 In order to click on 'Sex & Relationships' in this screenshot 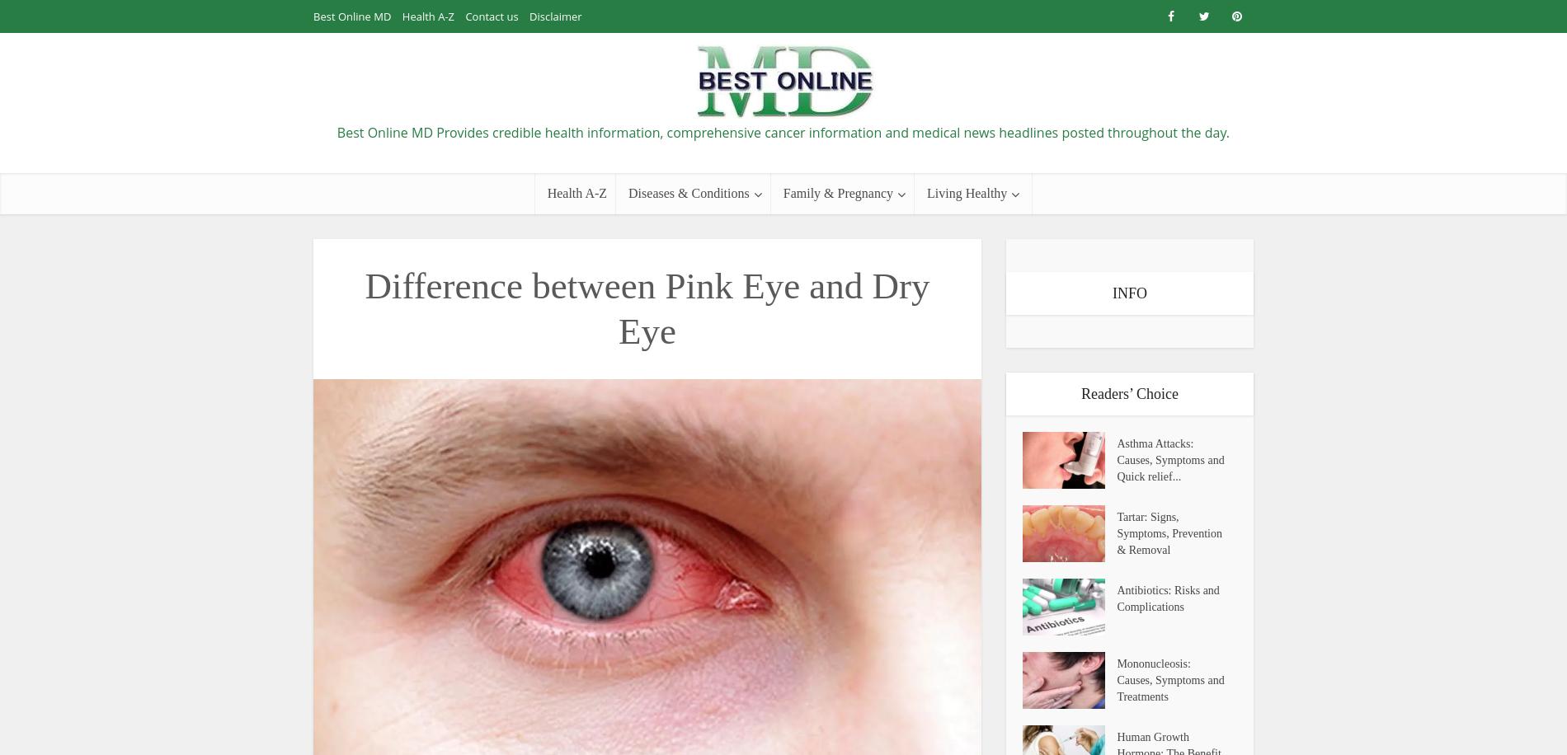, I will do `click(828, 402)`.